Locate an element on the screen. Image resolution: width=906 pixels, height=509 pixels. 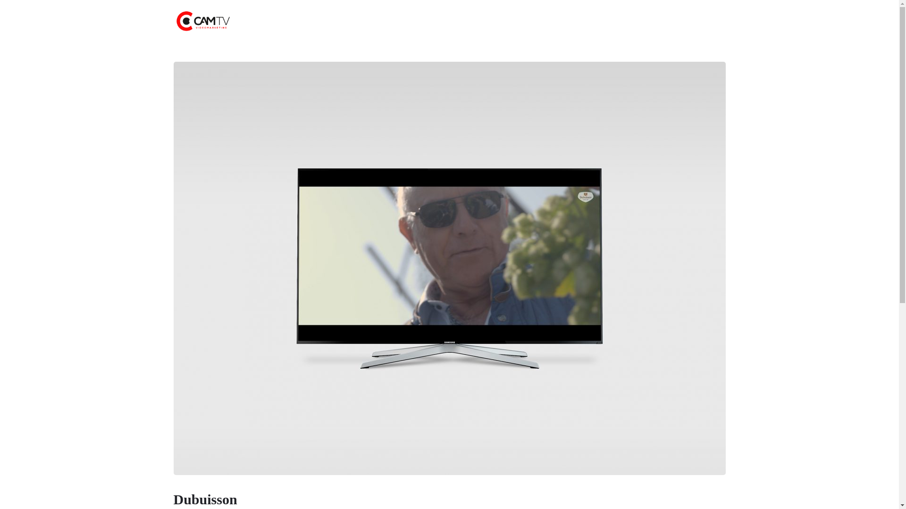
'PROJECTS' is located at coordinates (375, 21).